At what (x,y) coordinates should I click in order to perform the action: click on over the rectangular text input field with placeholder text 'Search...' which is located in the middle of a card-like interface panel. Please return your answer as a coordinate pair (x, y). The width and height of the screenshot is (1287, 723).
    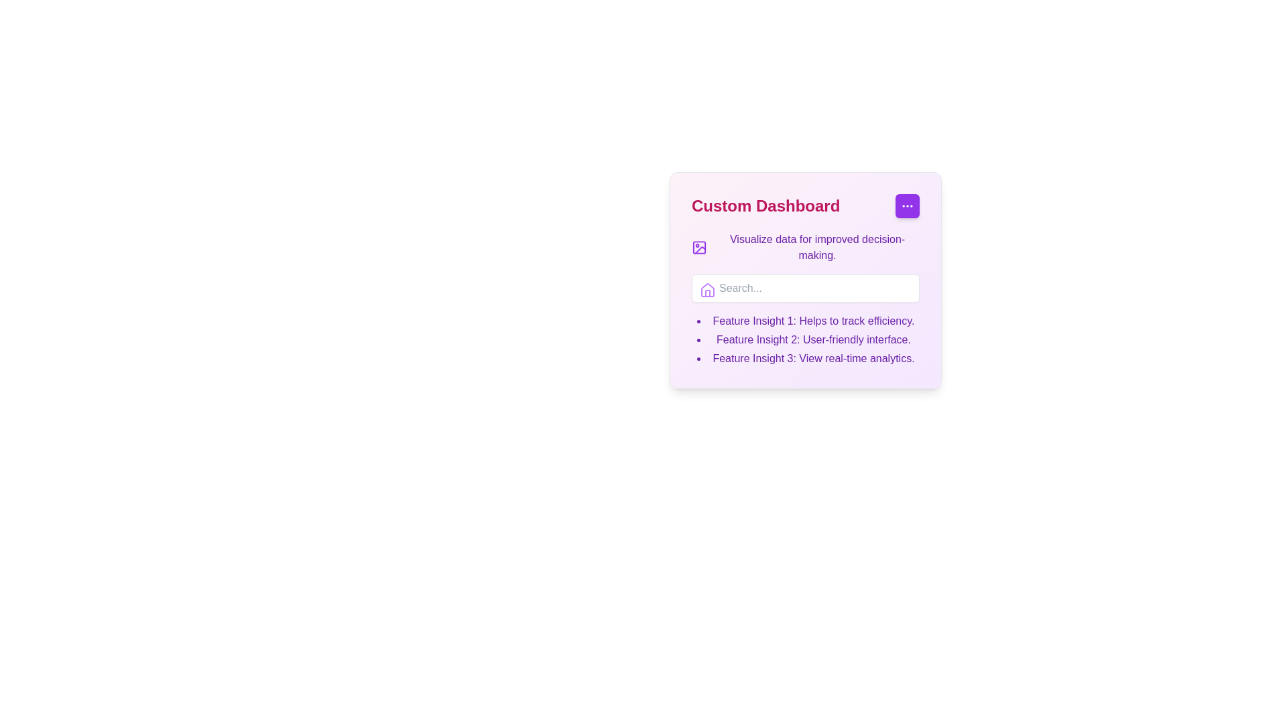
    Looking at the image, I should click on (804, 288).